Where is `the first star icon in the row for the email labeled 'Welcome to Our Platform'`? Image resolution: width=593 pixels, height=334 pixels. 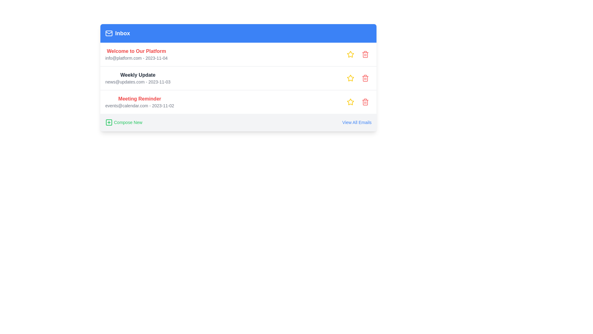
the first star icon in the row for the email labeled 'Welcome to Our Platform' is located at coordinates (350, 54).